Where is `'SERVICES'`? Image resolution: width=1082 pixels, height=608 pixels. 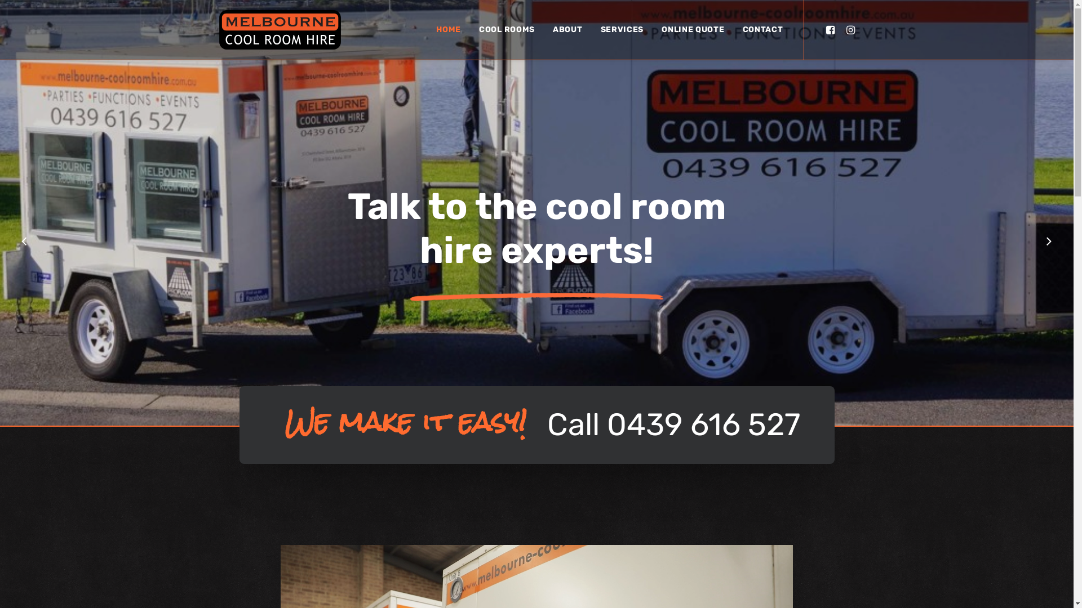
'SERVICES' is located at coordinates (622, 29).